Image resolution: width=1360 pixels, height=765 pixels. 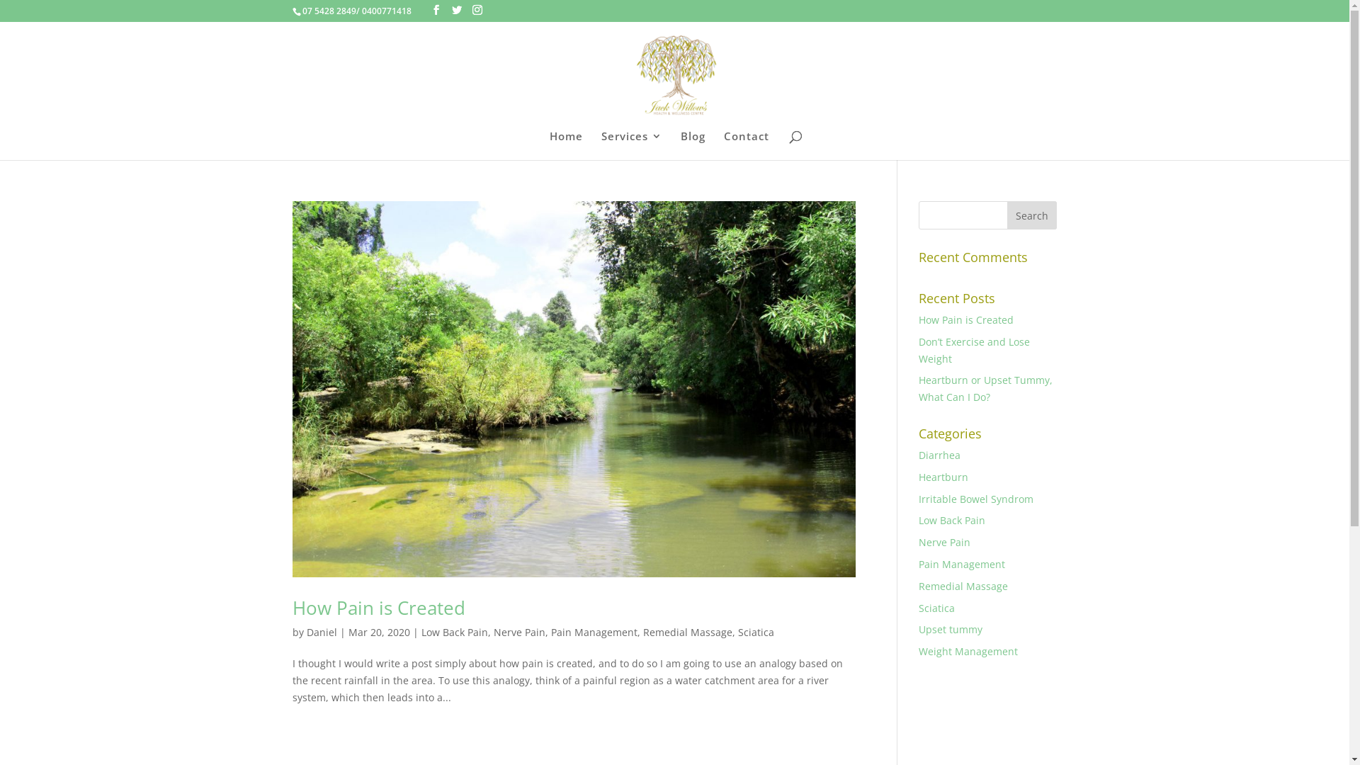 I want to click on 'Sciatica', so click(x=936, y=607).